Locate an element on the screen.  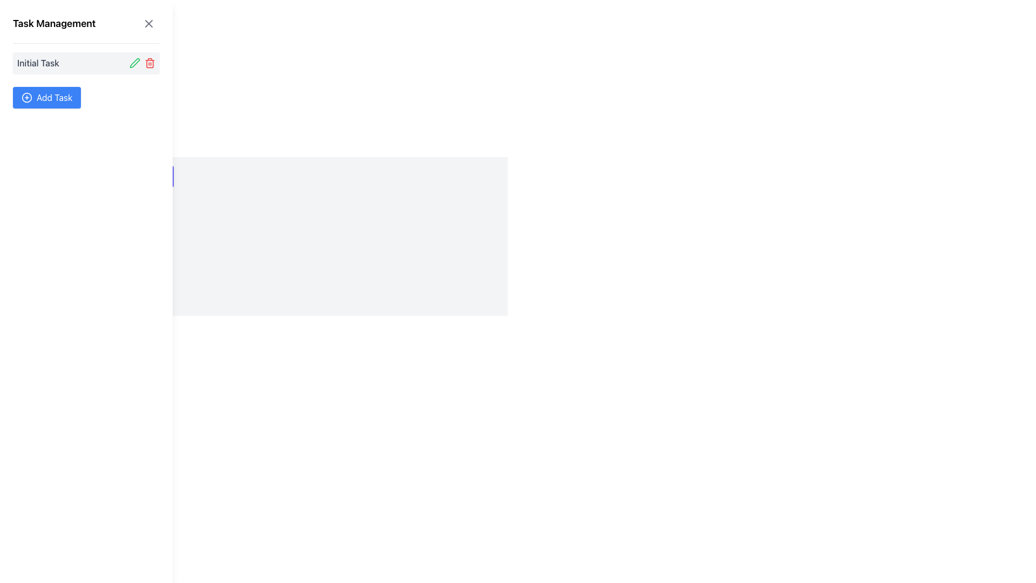
the green pencil icon button located in the 'Task Management' sidebar next to the 'Initial Task' label is located at coordinates (134, 63).